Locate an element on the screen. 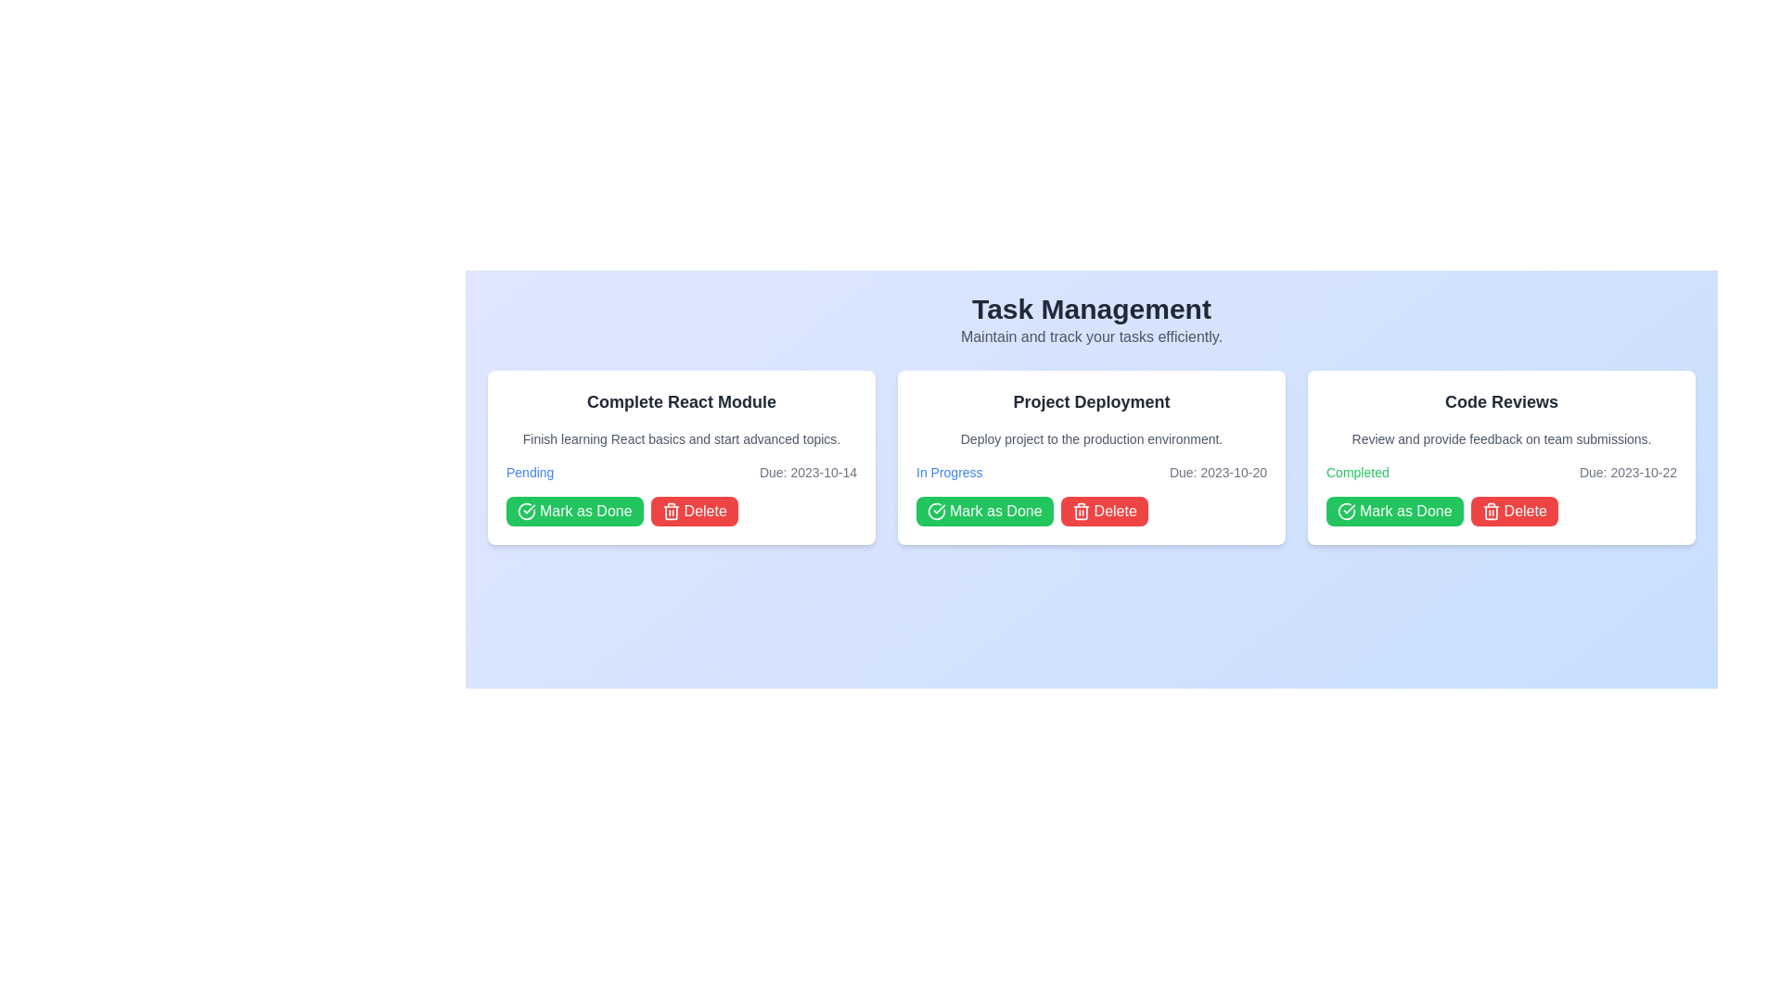  the text display component titled 'Task Management' with the subtitle 'Maintain and track your tasks efficiently.' which is prominently located at the top of the page is located at coordinates (1091, 320).